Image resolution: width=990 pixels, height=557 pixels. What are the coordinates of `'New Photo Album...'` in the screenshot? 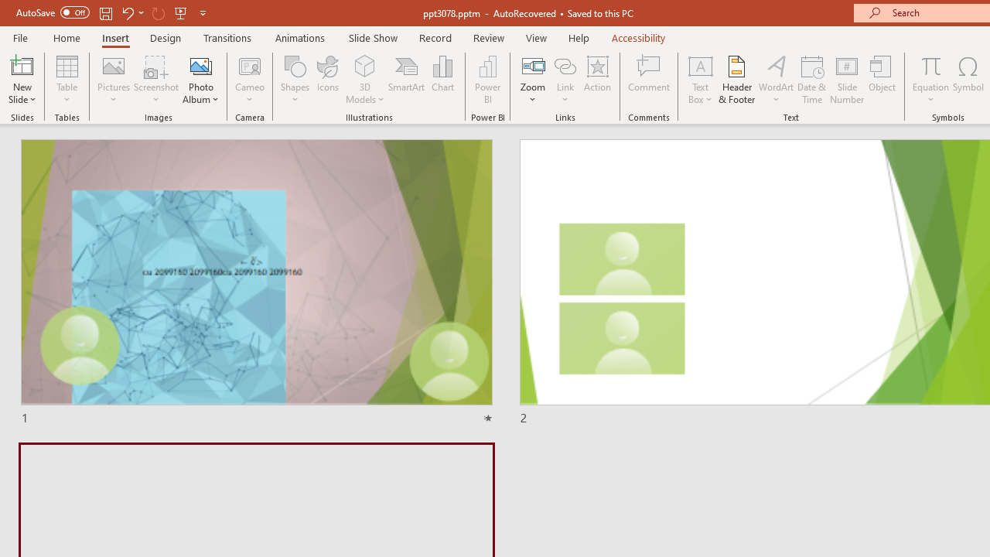 It's located at (200, 65).